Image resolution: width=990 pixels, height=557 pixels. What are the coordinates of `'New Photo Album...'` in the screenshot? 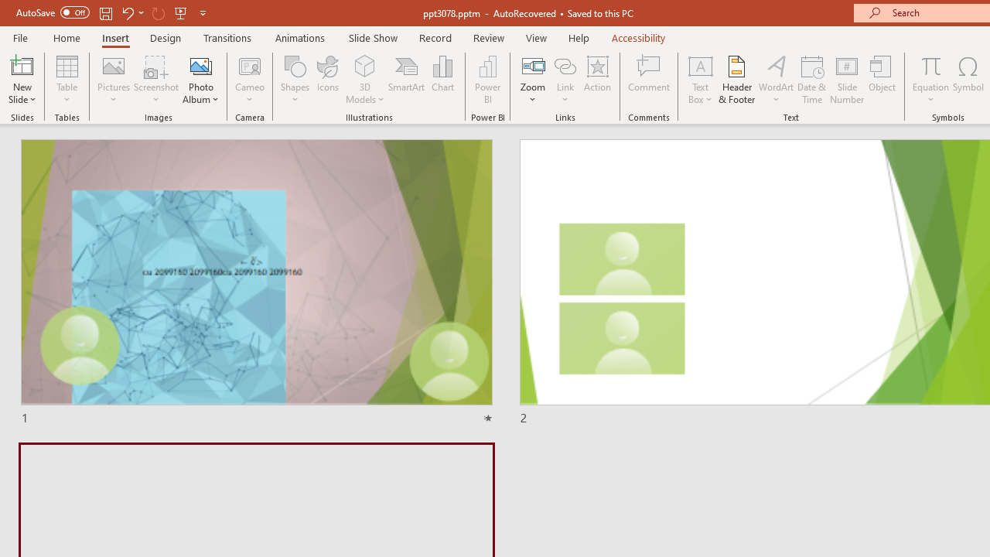 It's located at (200, 65).